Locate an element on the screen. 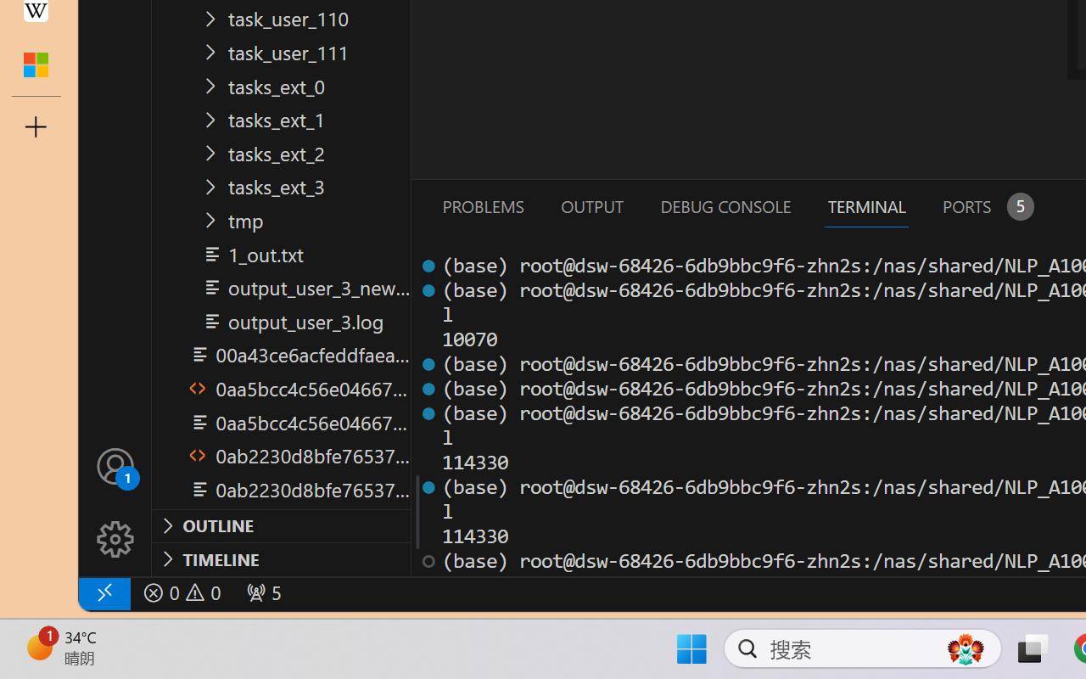 Image resolution: width=1086 pixels, height=679 pixels. 'Forwarded Ports: 36301, 47065, 38781, 45817, 50331' is located at coordinates (261, 592).